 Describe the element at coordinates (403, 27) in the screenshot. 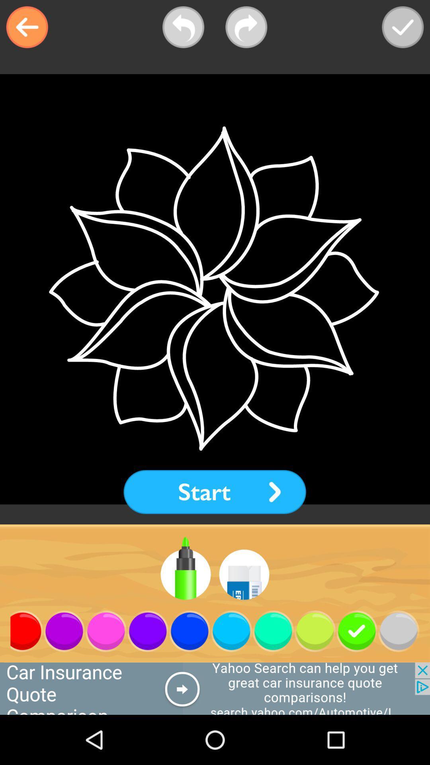

I see `the check icon` at that location.